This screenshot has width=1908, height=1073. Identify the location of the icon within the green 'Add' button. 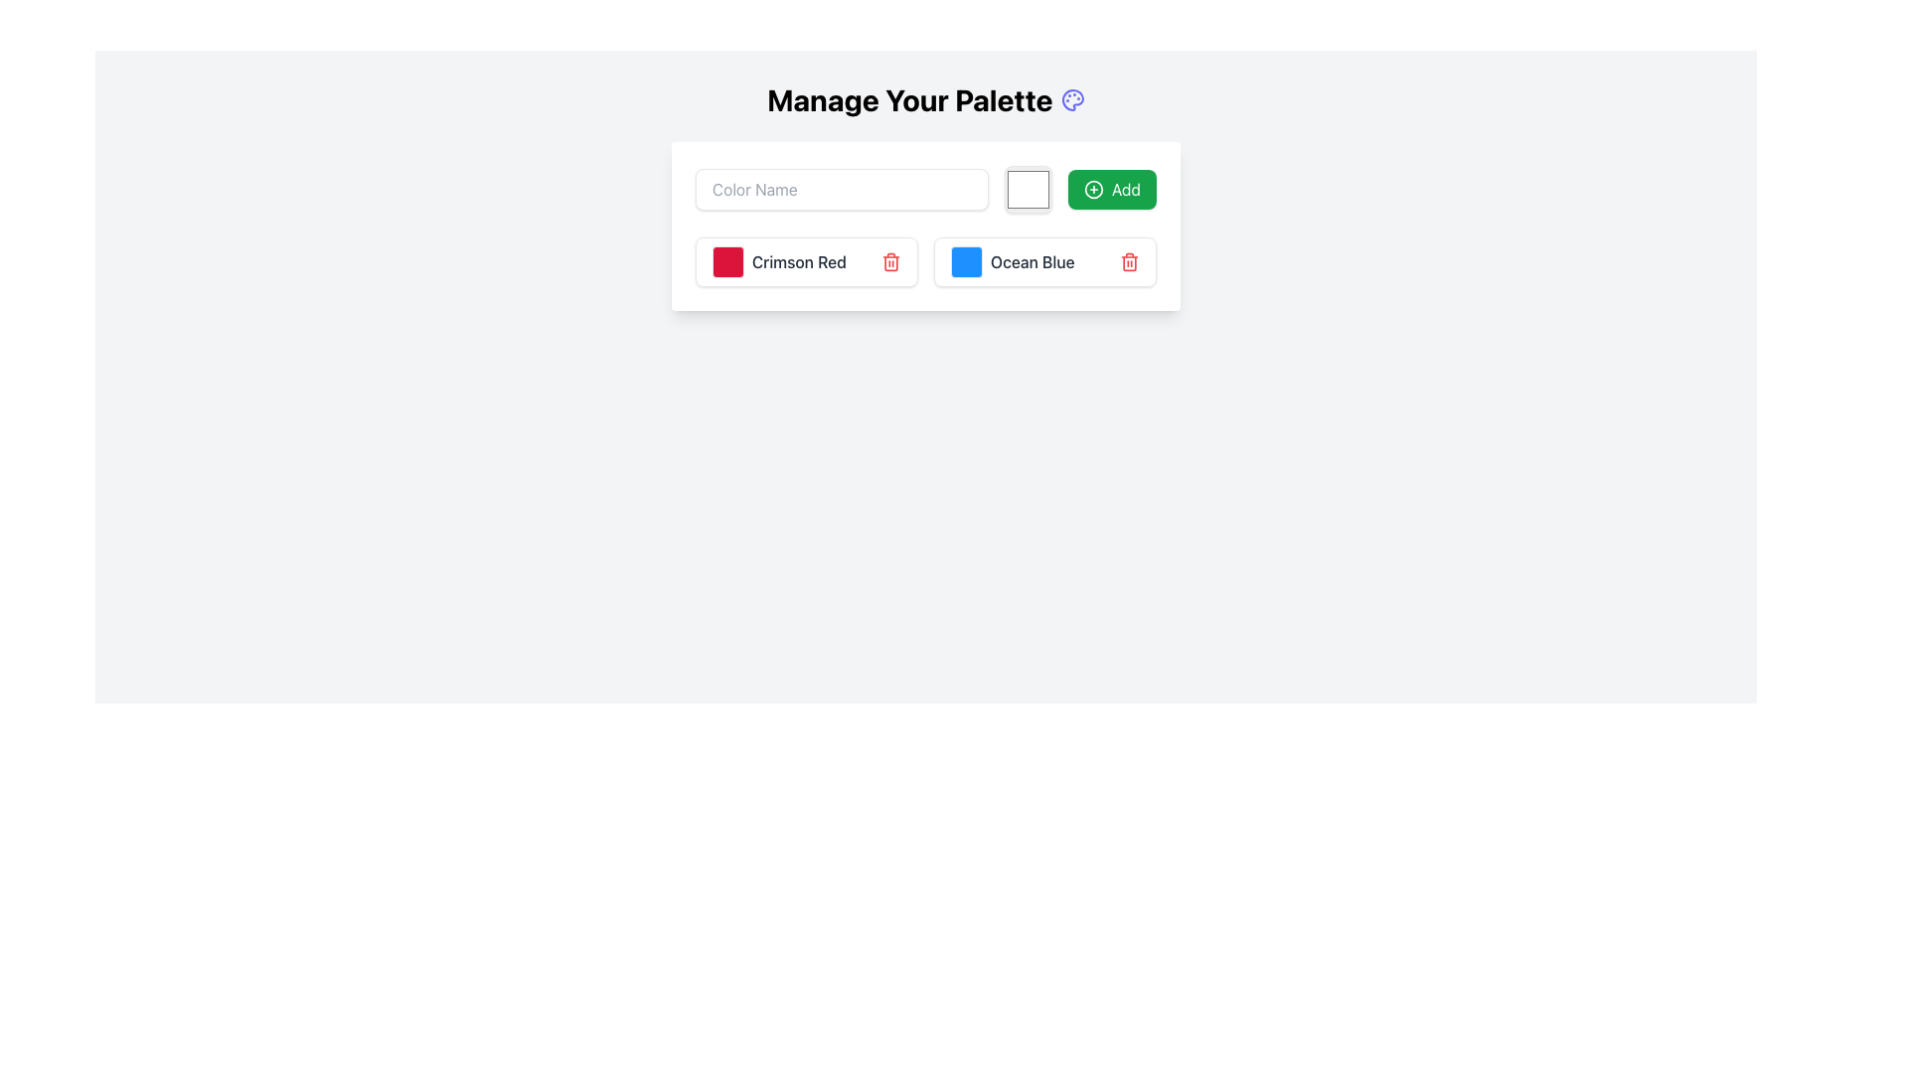
(1092, 190).